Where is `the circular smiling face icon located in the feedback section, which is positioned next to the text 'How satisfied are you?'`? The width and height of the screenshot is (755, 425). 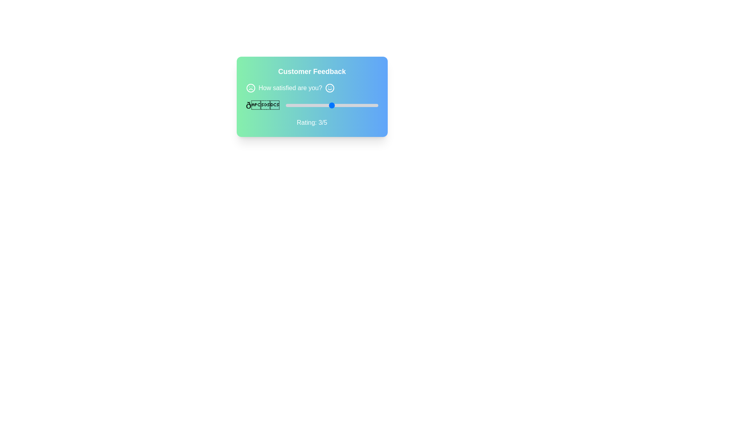 the circular smiling face icon located in the feedback section, which is positioned next to the text 'How satisfied are you?' is located at coordinates (330, 88).